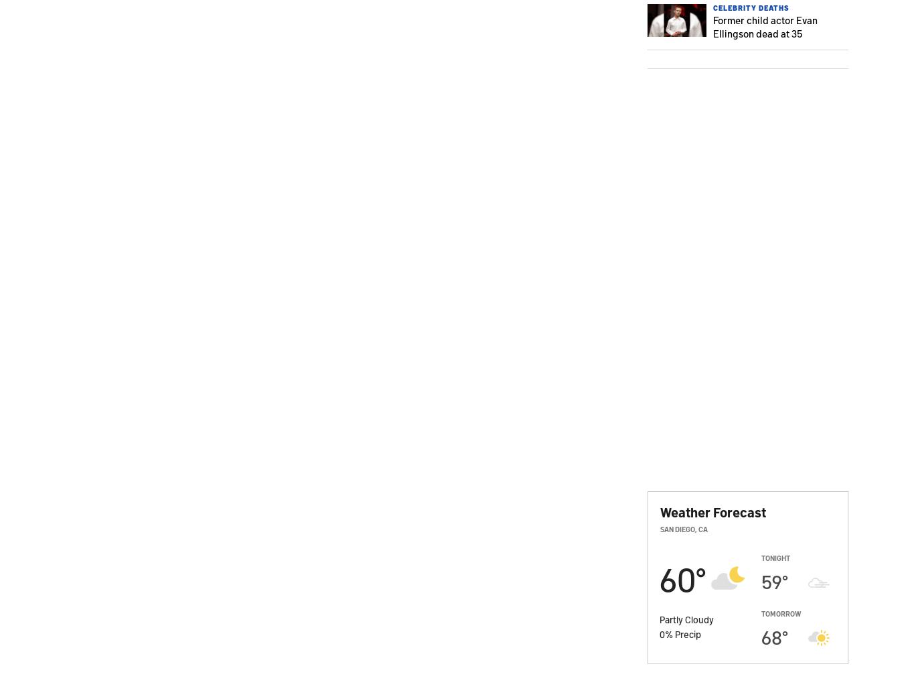 The width and height of the screenshot is (904, 697). What do you see at coordinates (684, 528) in the screenshot?
I see `'San Diego, CA'` at bounding box center [684, 528].